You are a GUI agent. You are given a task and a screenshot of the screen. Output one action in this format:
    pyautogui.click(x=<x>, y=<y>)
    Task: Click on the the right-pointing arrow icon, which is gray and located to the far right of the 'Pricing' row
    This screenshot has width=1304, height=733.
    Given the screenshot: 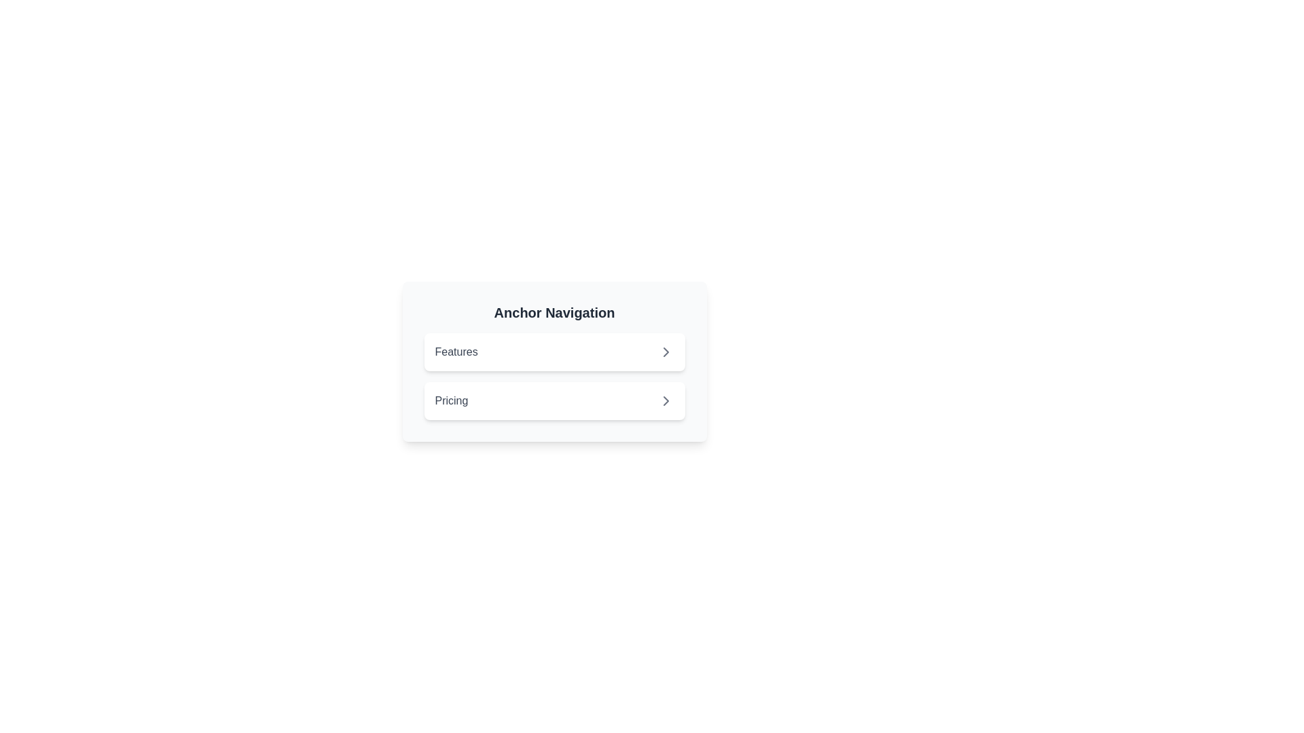 What is the action you would take?
    pyautogui.click(x=666, y=400)
    